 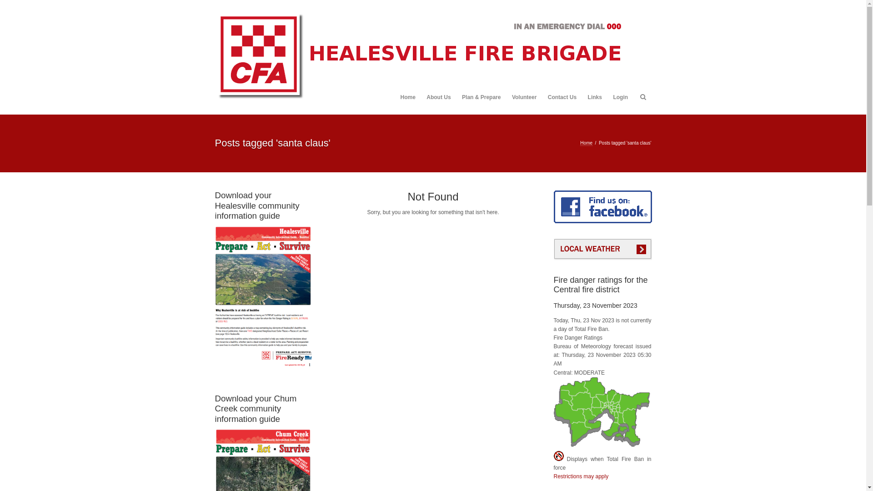 What do you see at coordinates (524, 97) in the screenshot?
I see `'Volunteer'` at bounding box center [524, 97].